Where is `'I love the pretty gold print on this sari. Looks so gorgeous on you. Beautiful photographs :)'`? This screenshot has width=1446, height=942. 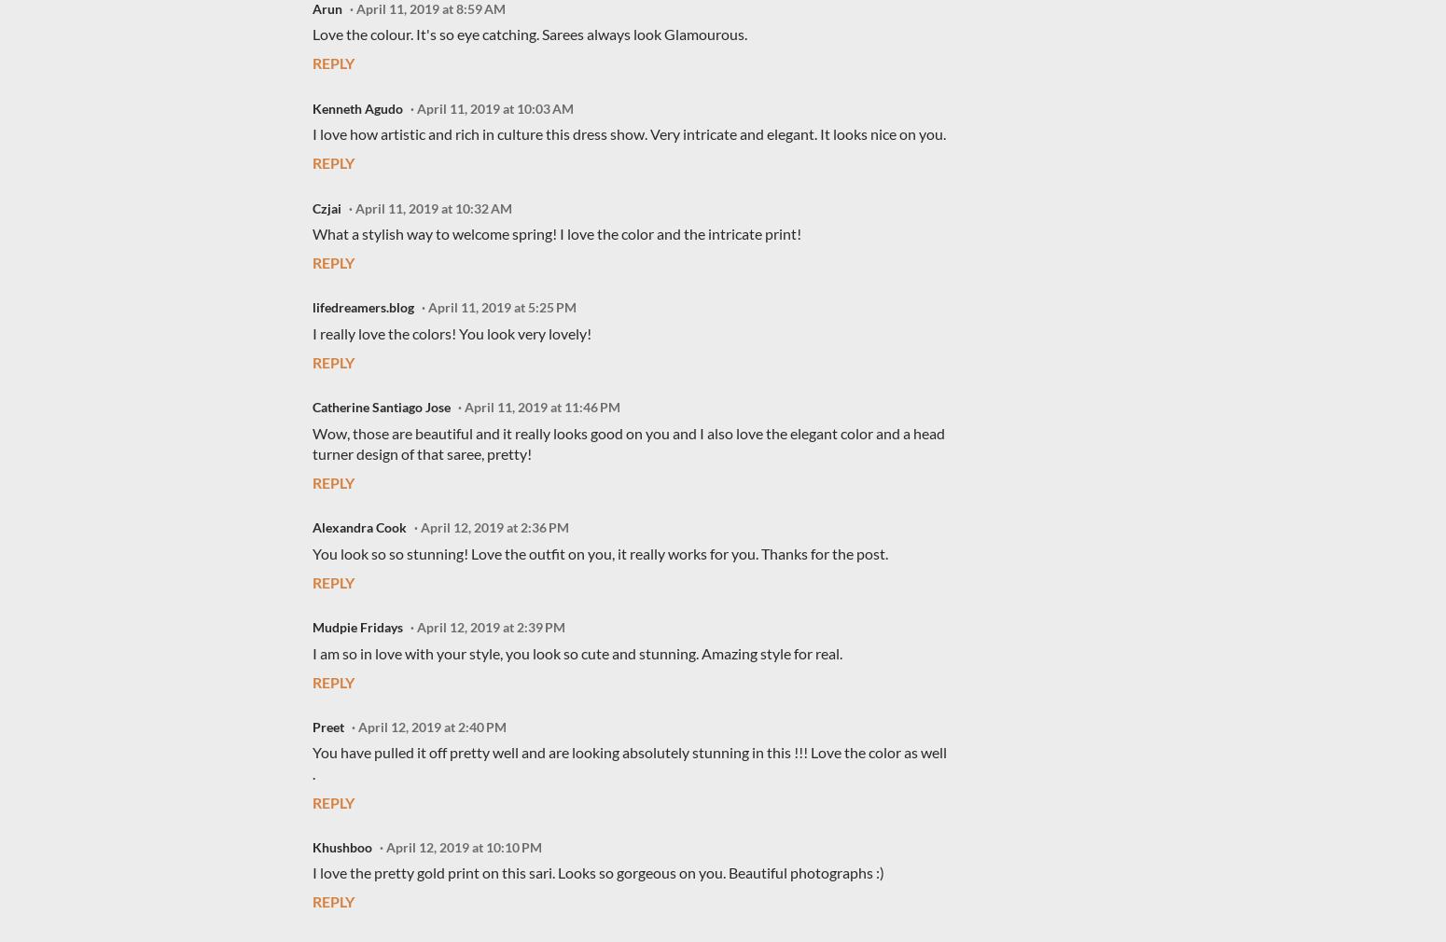 'I love the pretty gold print on this sari. Looks so gorgeous on you. Beautiful photographs :)' is located at coordinates (597, 872).